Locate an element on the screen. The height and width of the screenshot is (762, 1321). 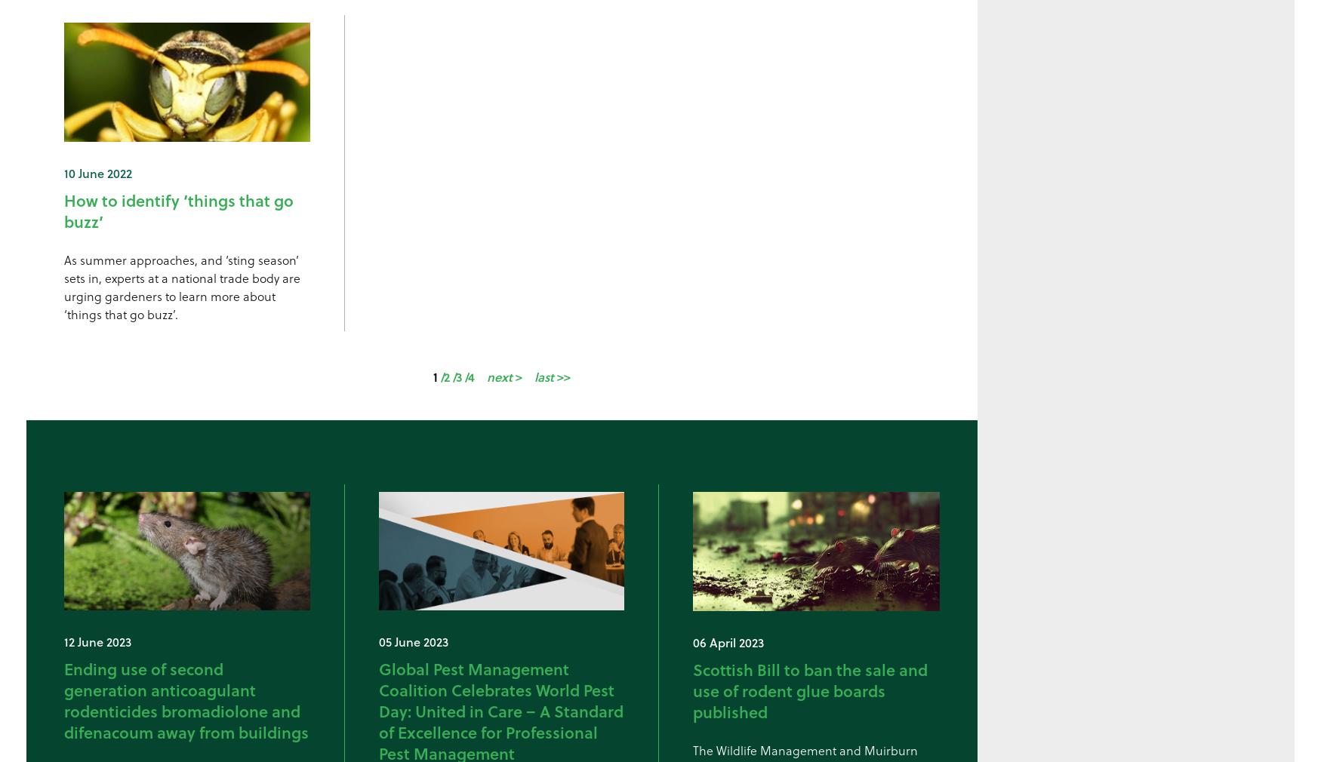
'last' is located at coordinates (534, 376).